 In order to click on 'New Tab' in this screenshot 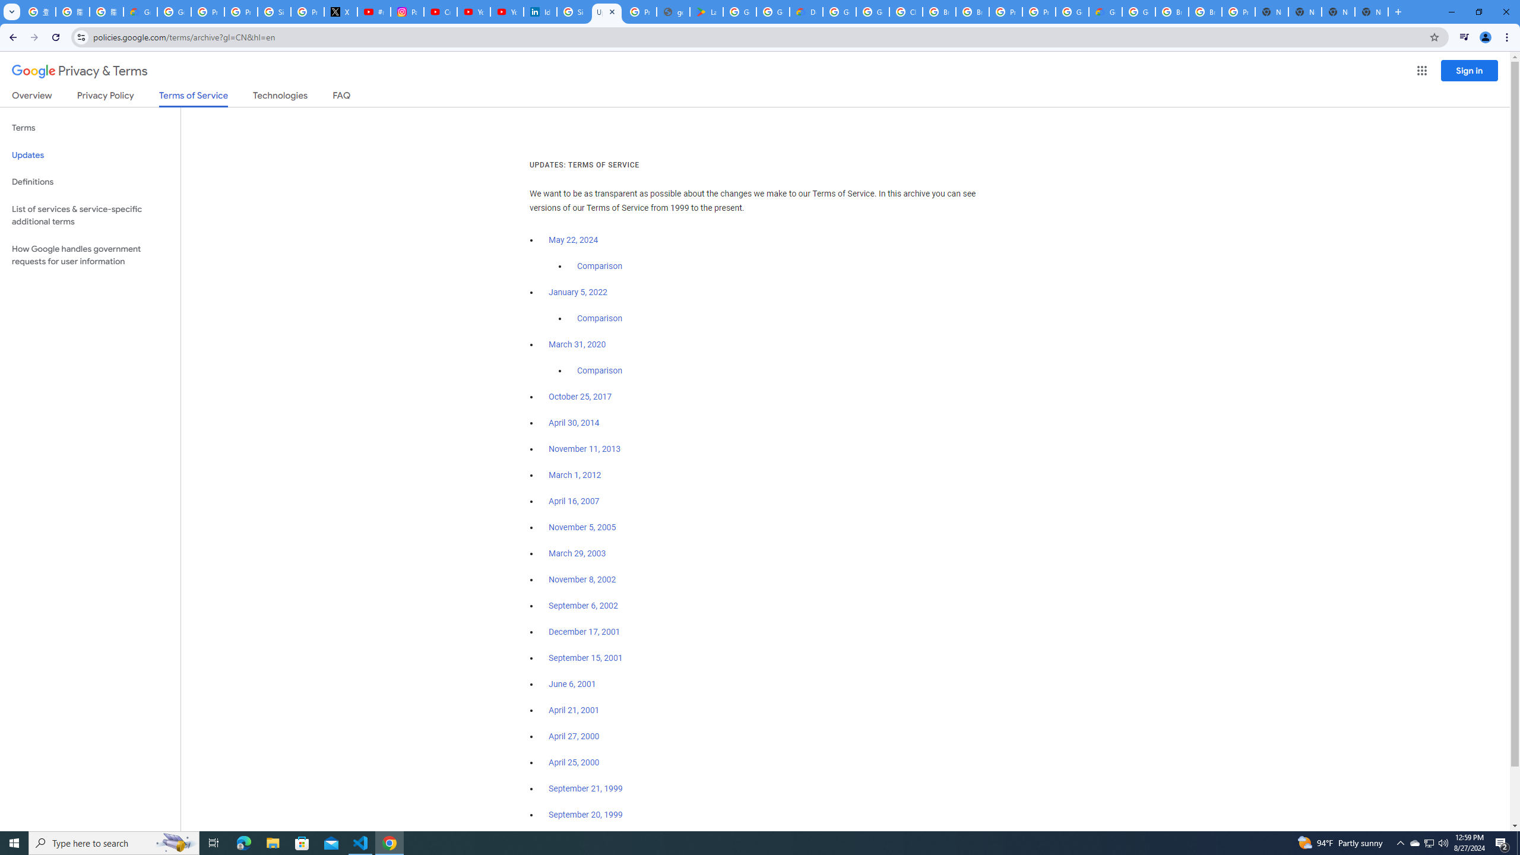, I will do `click(1372, 11)`.